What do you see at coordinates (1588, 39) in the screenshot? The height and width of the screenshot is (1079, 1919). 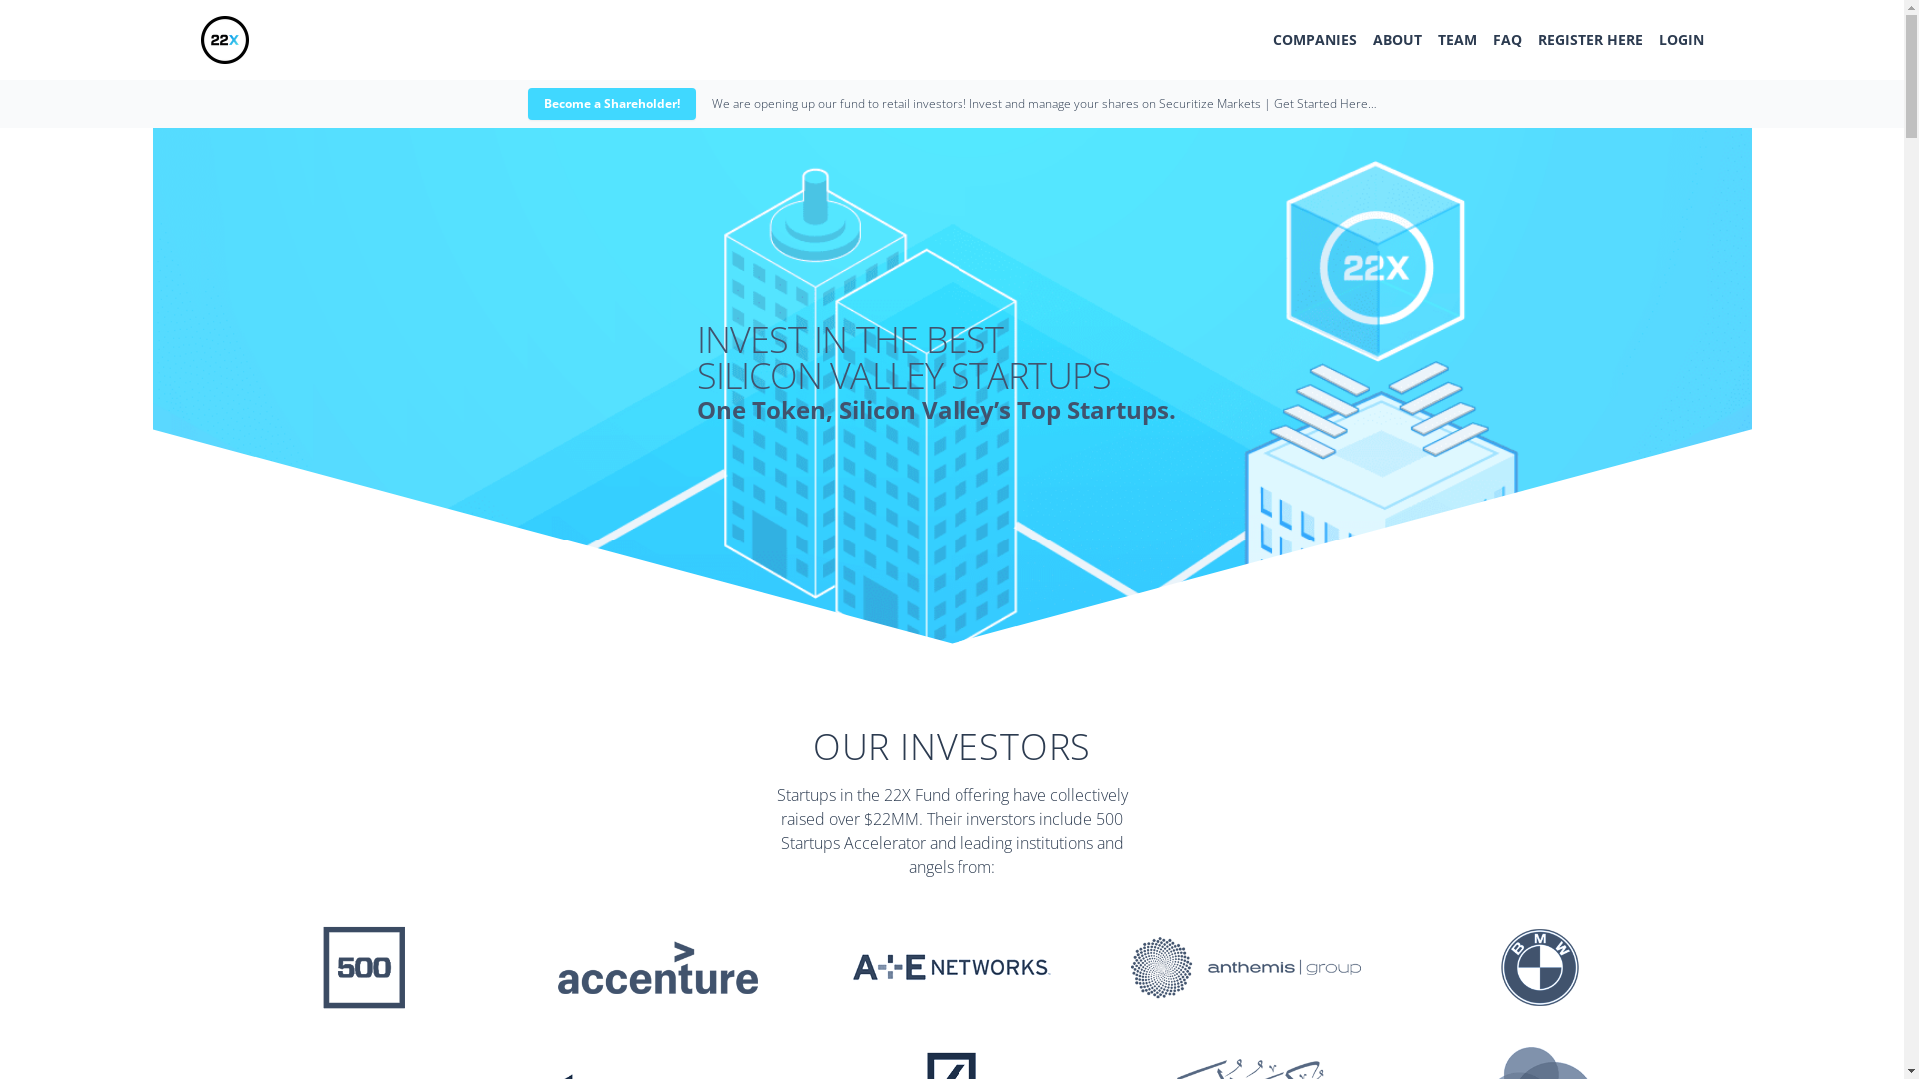 I see `'REGISTER HERE'` at bounding box center [1588, 39].